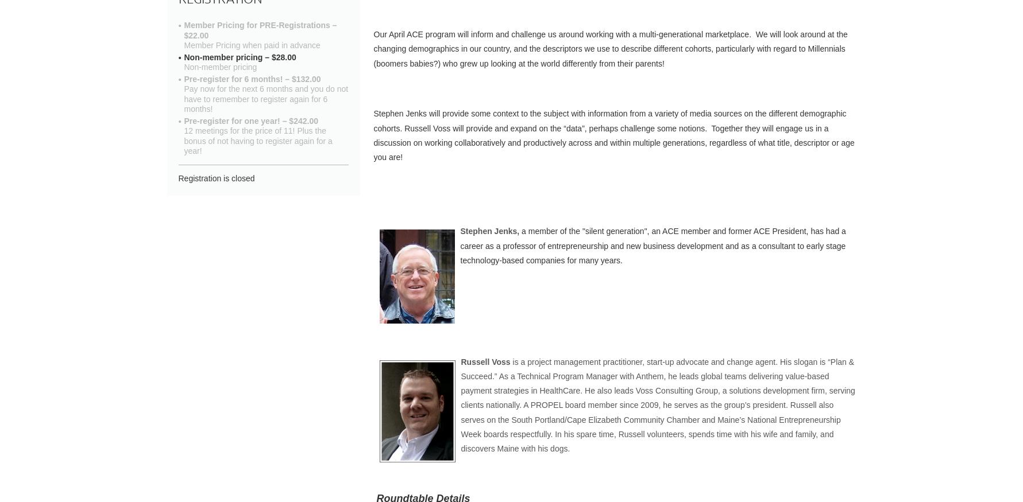  I want to click on 'Non-member pricing – $28.00', so click(183, 56).